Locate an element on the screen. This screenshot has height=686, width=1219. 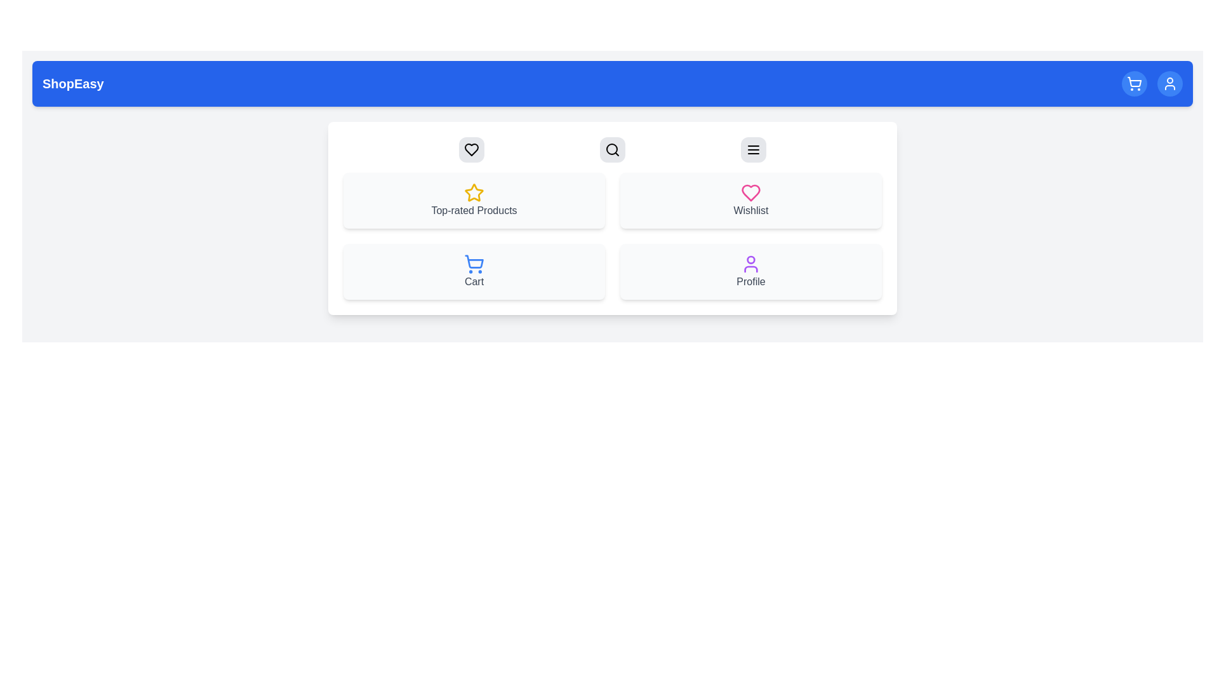
the star icon located in the top-left rectangular box above the text 'Top-rated Products' is located at coordinates (474, 193).